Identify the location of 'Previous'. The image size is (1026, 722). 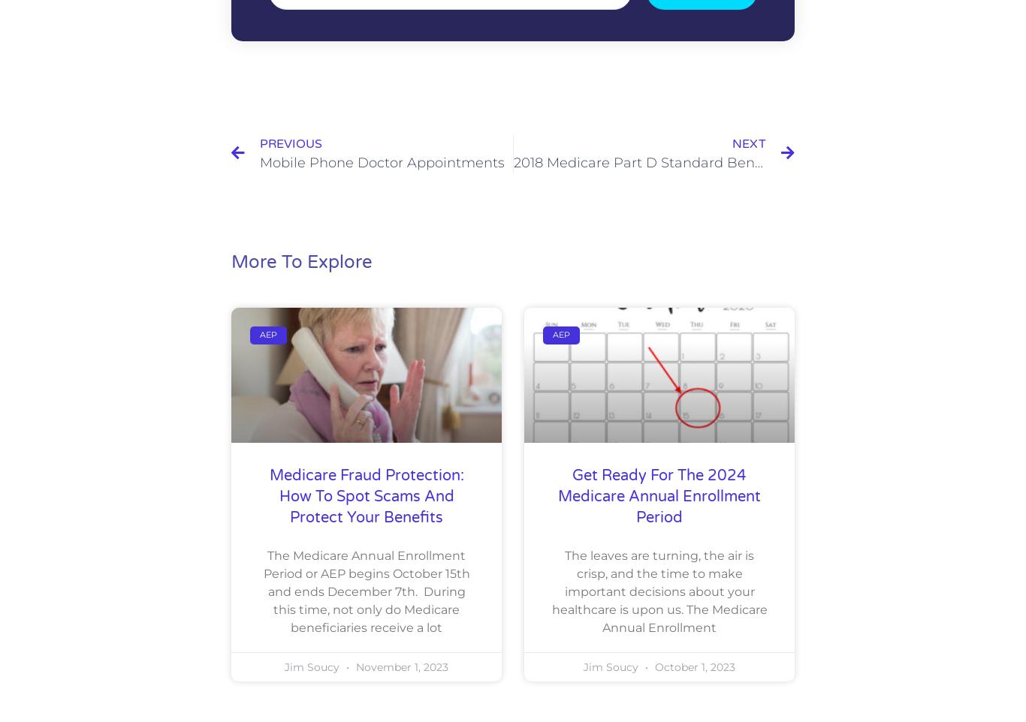
(290, 143).